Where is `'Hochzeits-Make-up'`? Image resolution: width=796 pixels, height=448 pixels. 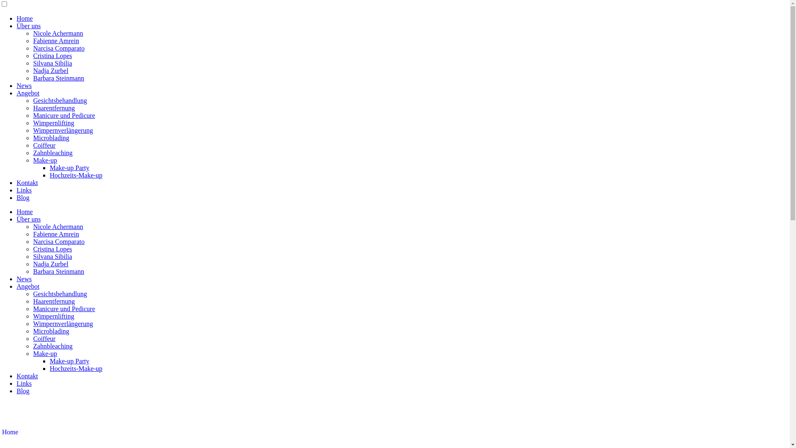
'Hochzeits-Make-up' is located at coordinates (49, 368).